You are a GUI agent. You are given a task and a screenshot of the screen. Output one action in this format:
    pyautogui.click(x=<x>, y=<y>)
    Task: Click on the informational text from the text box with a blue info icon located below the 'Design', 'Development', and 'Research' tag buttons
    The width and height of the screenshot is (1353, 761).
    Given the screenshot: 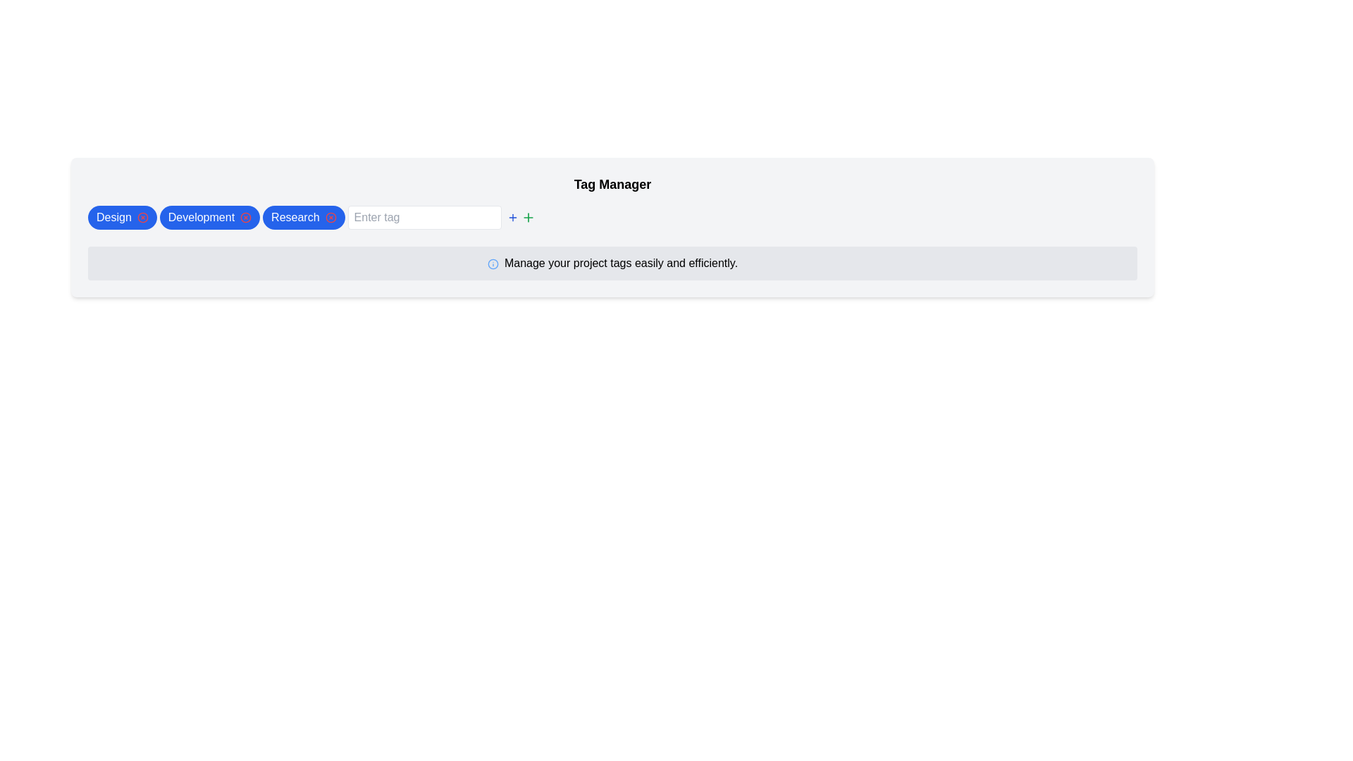 What is the action you would take?
    pyautogui.click(x=612, y=264)
    